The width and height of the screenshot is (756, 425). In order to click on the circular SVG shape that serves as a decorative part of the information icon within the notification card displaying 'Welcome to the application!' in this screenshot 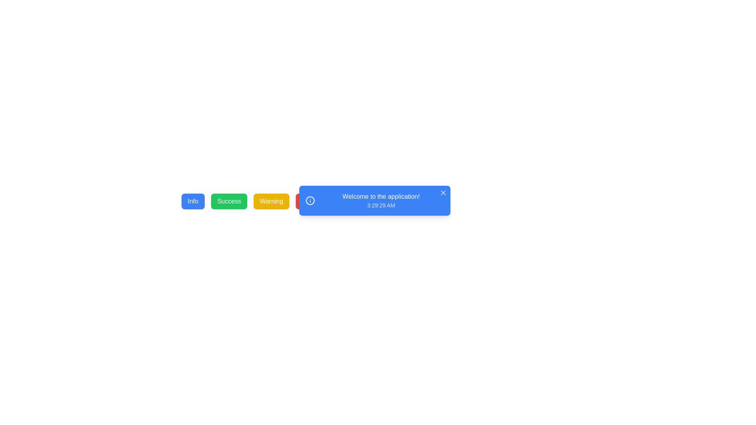, I will do `click(309, 200)`.